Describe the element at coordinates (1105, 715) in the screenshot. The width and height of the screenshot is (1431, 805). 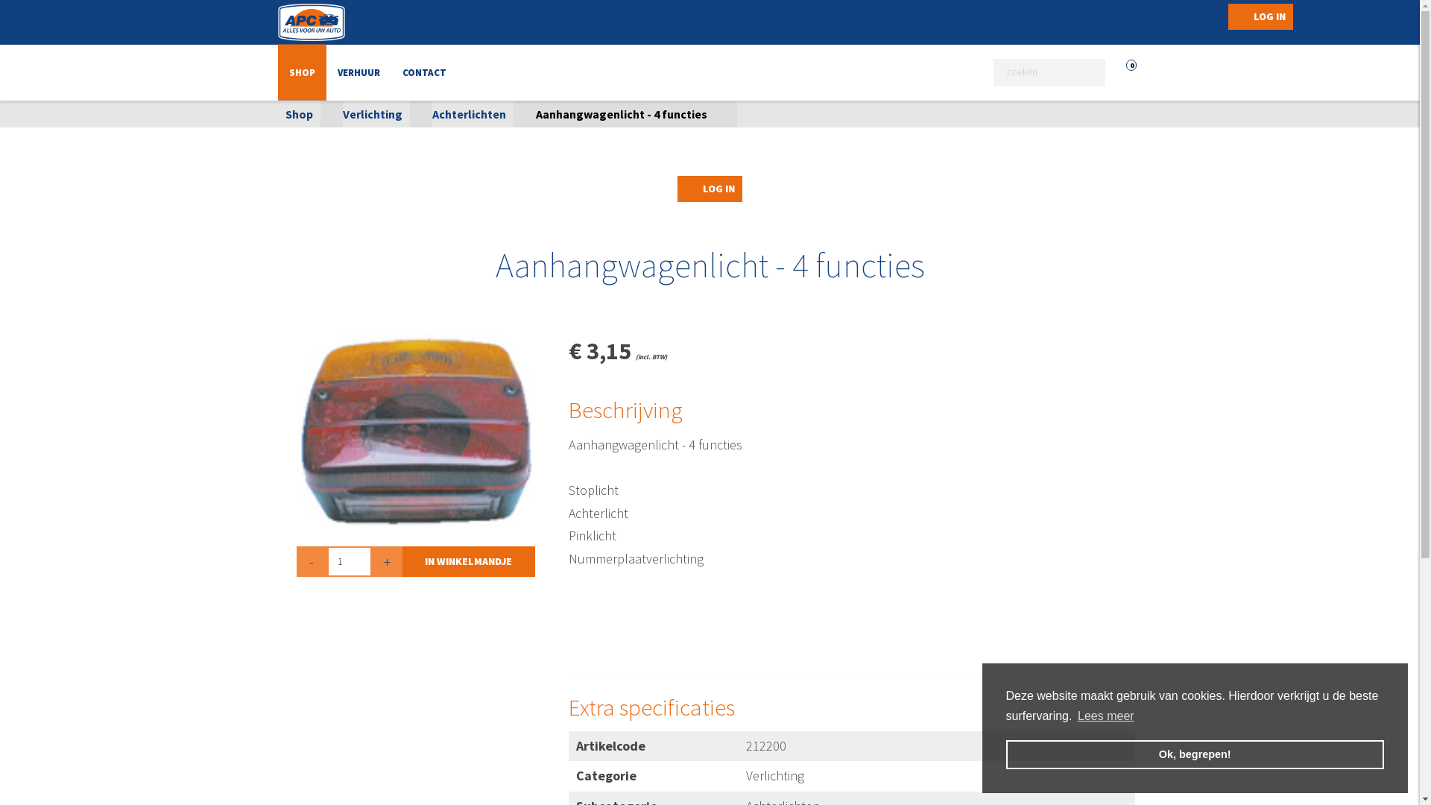
I see `'Lees meer'` at that location.